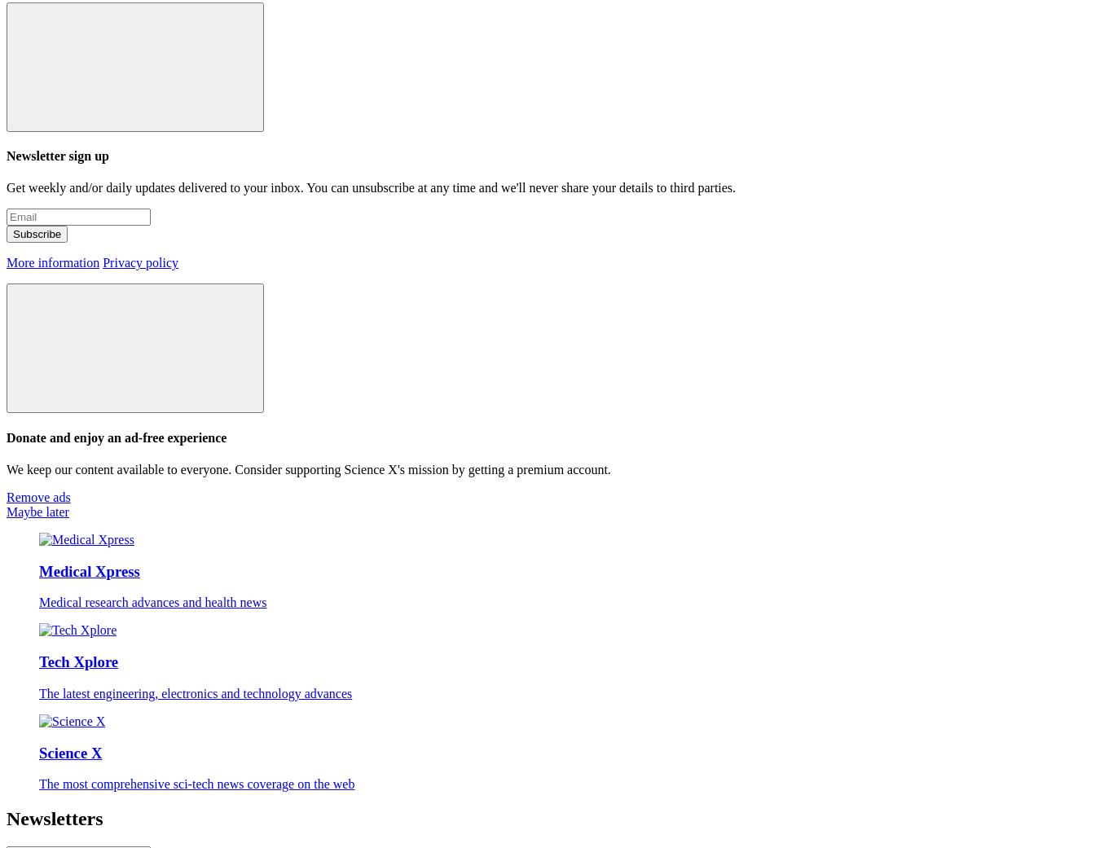 This screenshot has height=848, width=1113. What do you see at coordinates (307, 468) in the screenshot?
I see `'We keep our content available to everyone.
                    Consider supporting Science X's mission by getting a premium account.'` at bounding box center [307, 468].